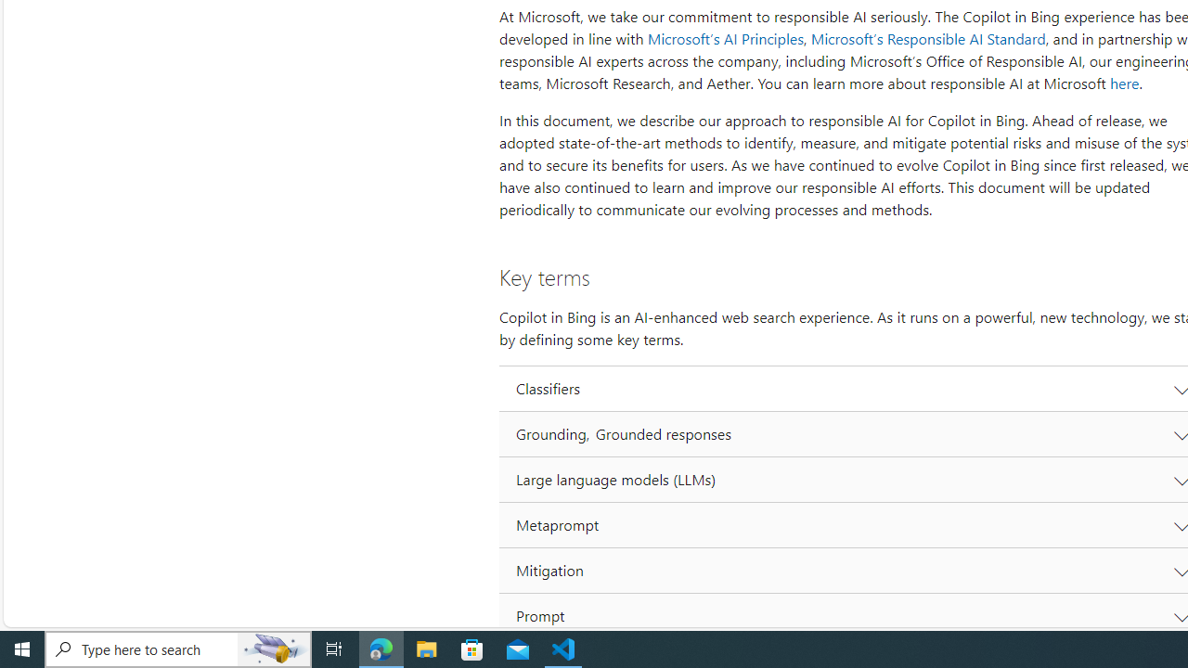 The height and width of the screenshot is (668, 1188). I want to click on 'here', so click(1123, 83).